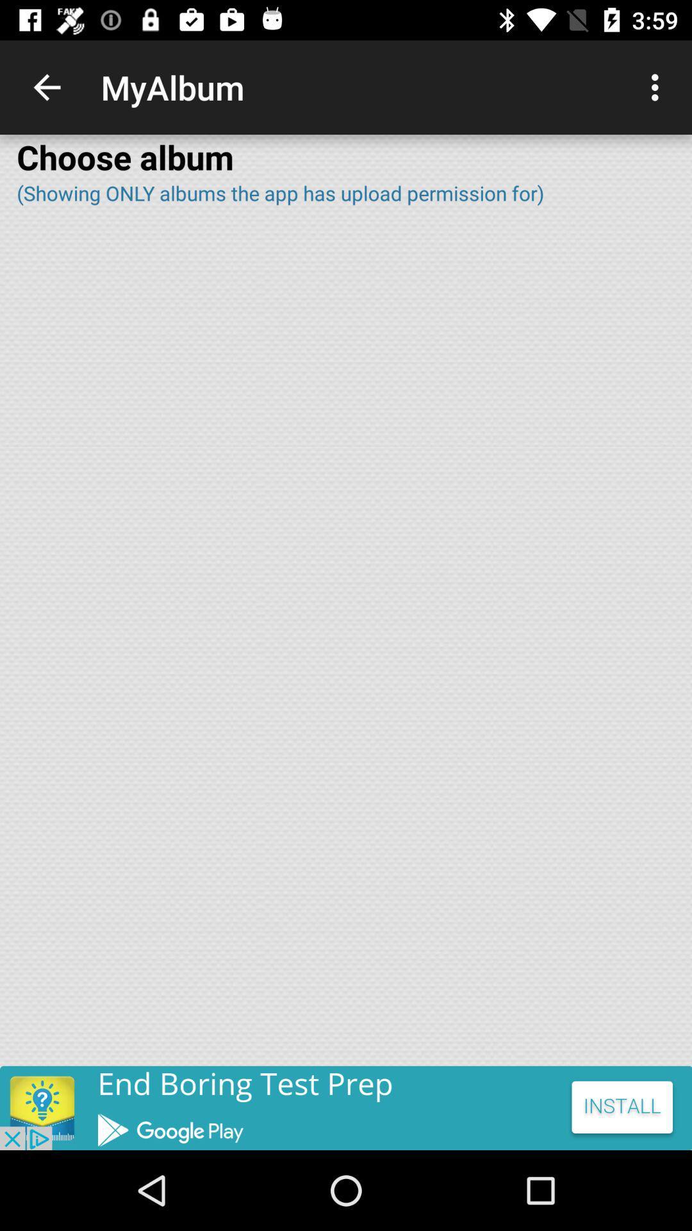  Describe the element at coordinates (346, 644) in the screenshot. I see `album box` at that location.